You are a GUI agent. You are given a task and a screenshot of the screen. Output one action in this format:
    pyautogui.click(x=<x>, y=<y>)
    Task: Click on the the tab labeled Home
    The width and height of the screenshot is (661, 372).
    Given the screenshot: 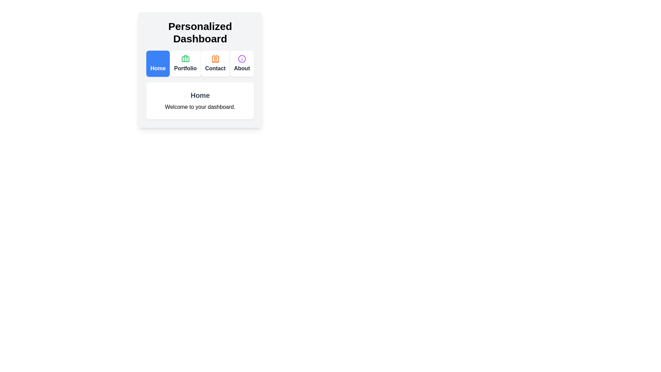 What is the action you would take?
    pyautogui.click(x=158, y=64)
    